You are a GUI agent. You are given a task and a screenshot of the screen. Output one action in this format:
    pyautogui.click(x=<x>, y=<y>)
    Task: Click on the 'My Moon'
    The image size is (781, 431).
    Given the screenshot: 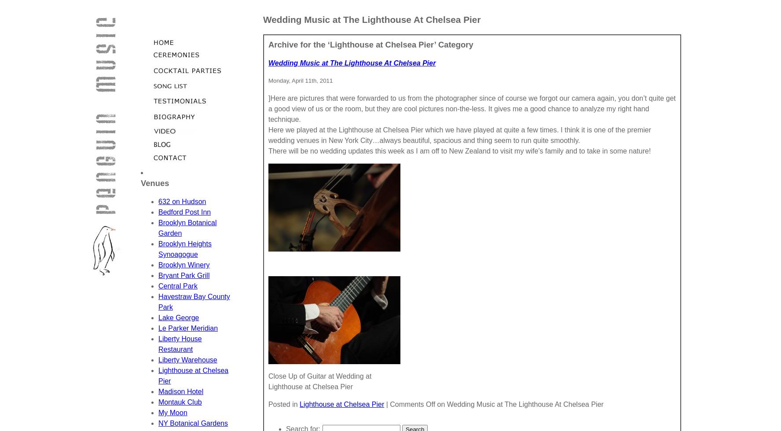 What is the action you would take?
    pyautogui.click(x=172, y=413)
    